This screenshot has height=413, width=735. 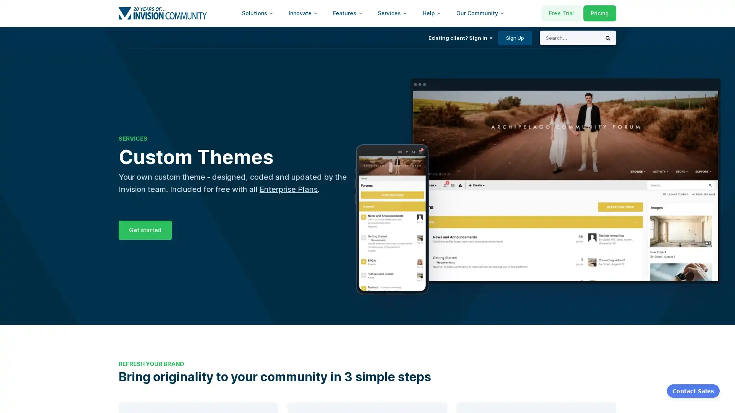 What do you see at coordinates (392, 13) in the screenshot?
I see `Services` at bounding box center [392, 13].